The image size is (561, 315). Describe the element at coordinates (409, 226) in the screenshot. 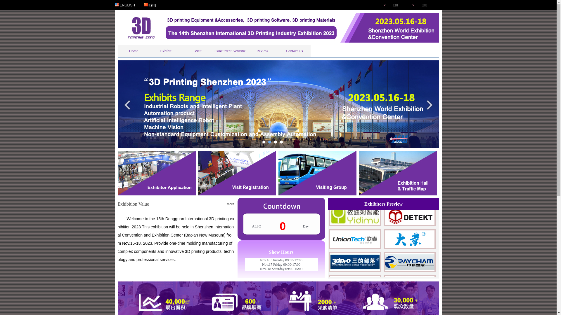

I see `'detekt'` at that location.